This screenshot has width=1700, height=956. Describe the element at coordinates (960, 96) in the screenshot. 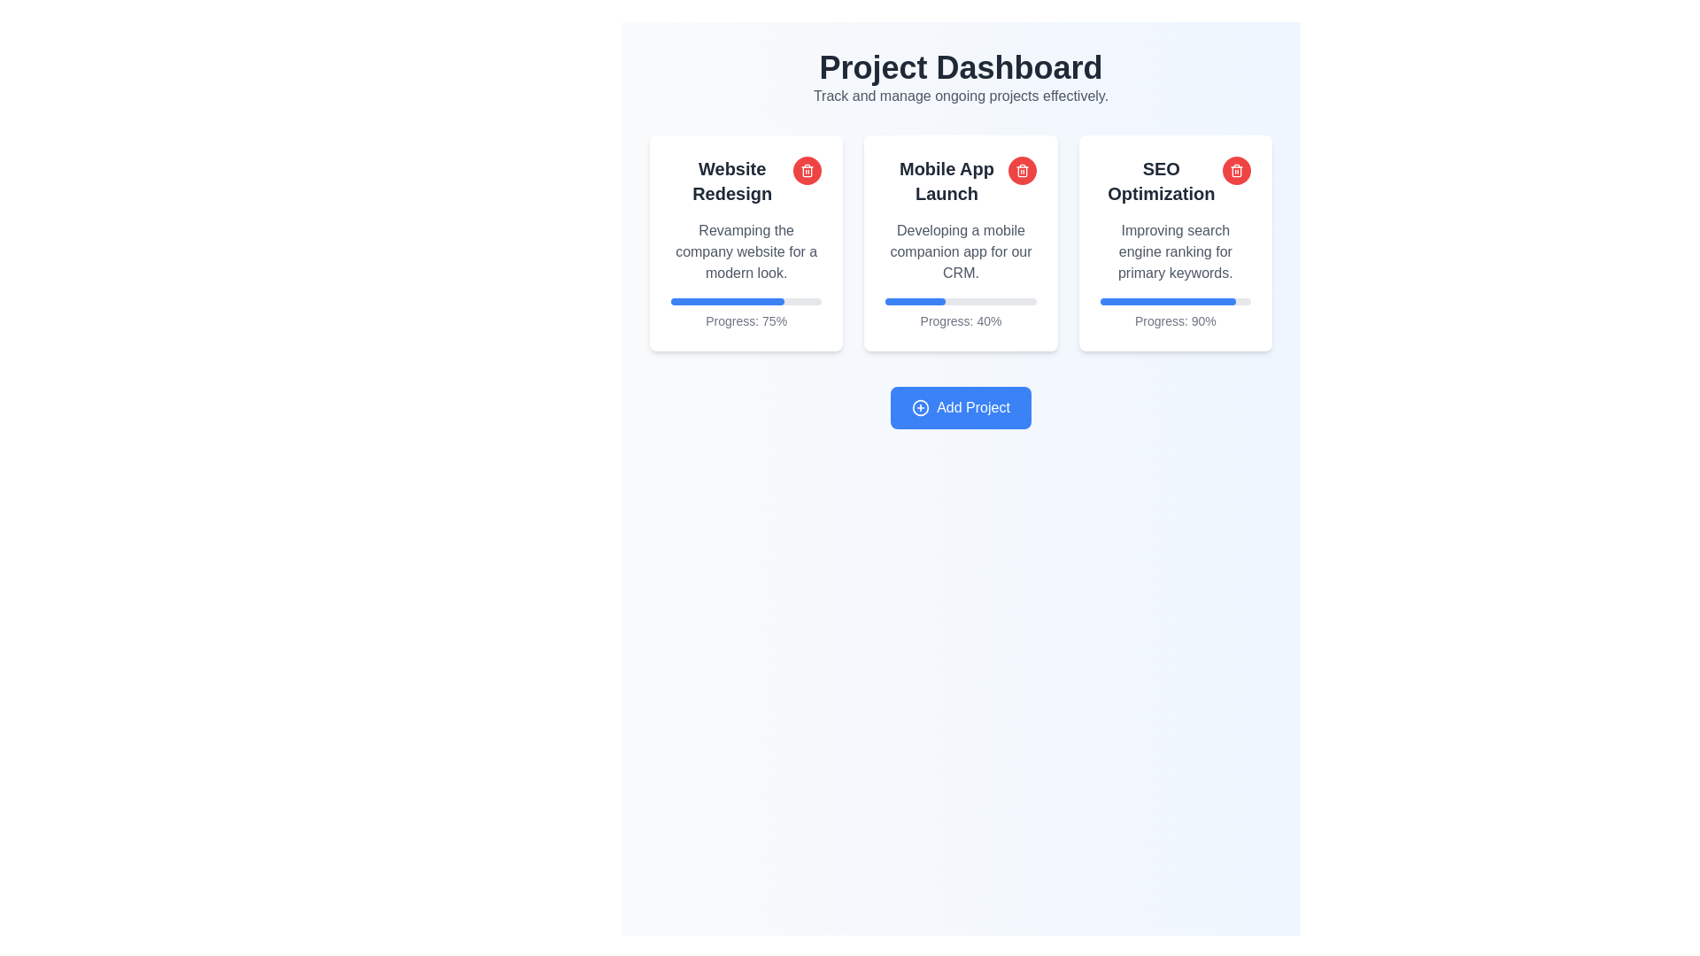

I see `the static text that reads 'Track and manage ongoing projects effectively', which is styled in gray and positioned below the 'Project Dashboard' header` at that location.